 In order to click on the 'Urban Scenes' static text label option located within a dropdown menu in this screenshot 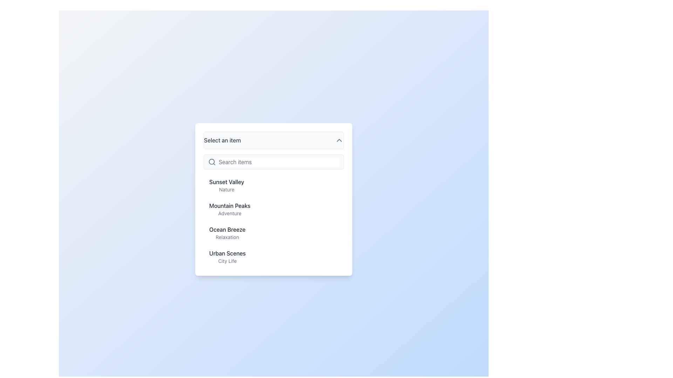, I will do `click(227, 257)`.